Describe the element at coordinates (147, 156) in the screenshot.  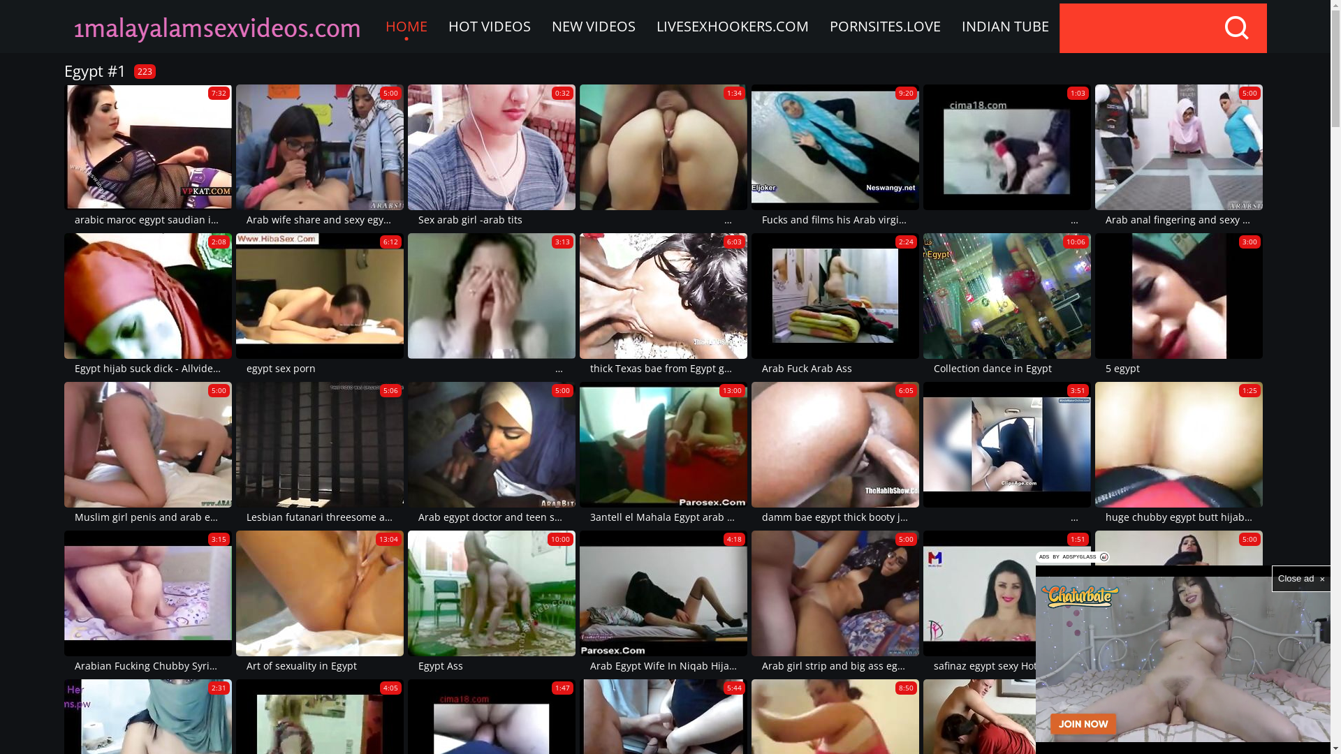
I see `'7:32` at that location.